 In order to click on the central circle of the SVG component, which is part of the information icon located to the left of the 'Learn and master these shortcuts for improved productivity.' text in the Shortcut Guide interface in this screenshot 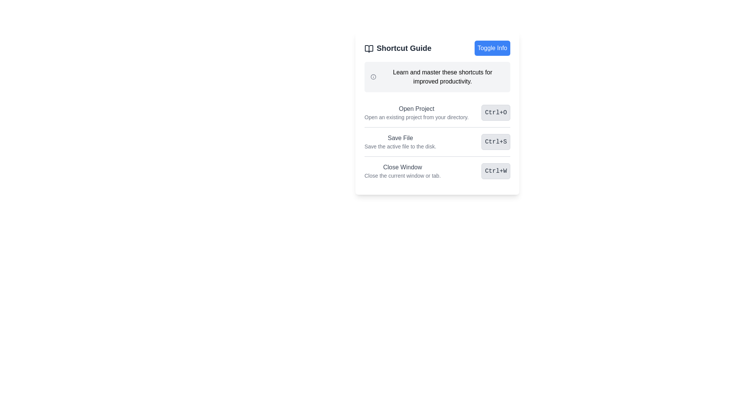, I will do `click(373, 77)`.